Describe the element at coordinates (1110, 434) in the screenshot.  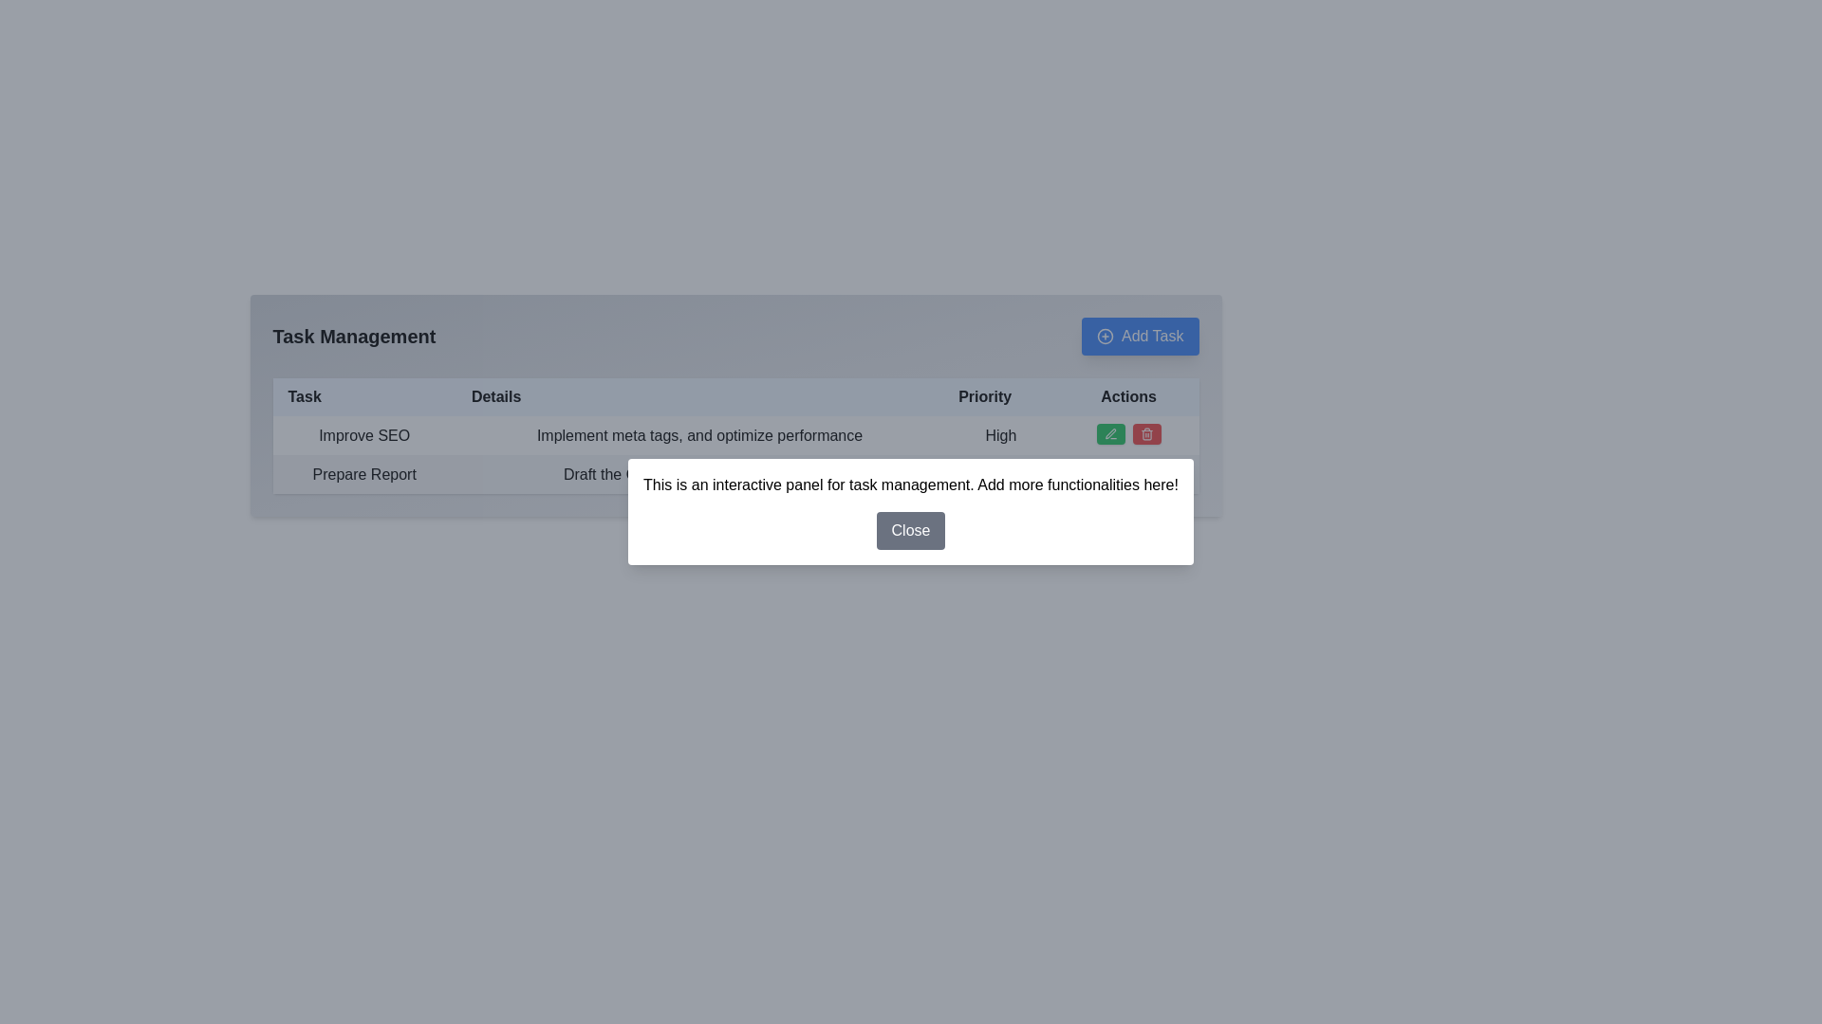
I see `the edit icon within the button in the 'Actions' column of the first task row labeled 'Improve SEO'` at that location.